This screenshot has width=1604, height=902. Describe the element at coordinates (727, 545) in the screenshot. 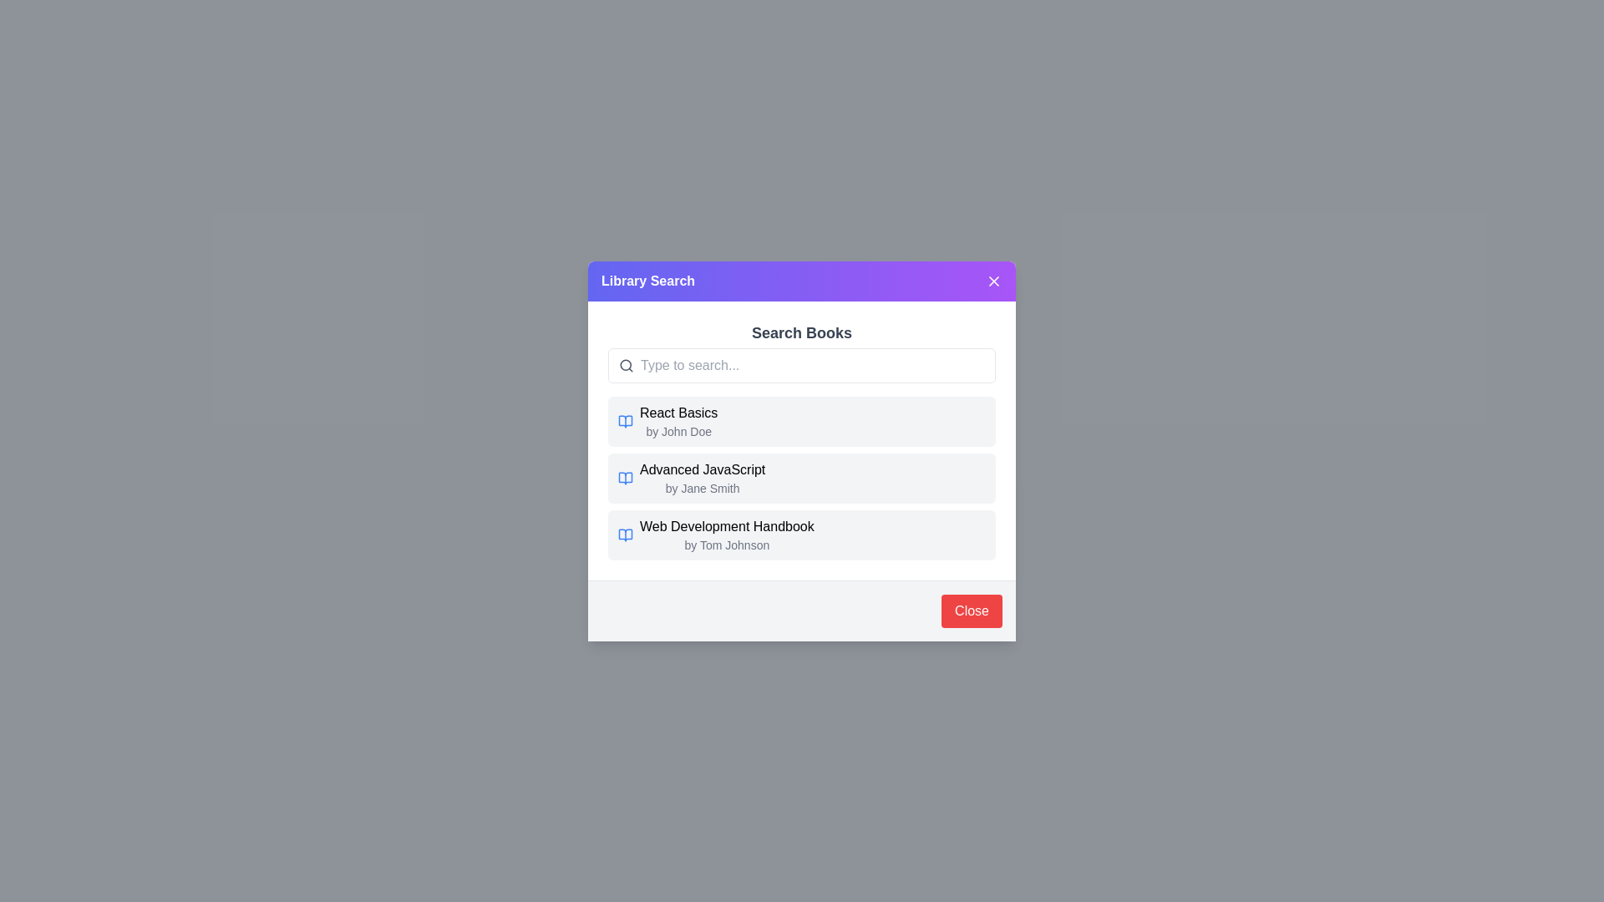

I see `the text label displaying the author of the book titled 'Web Development Handbook' to trigger possible tooltips` at that location.